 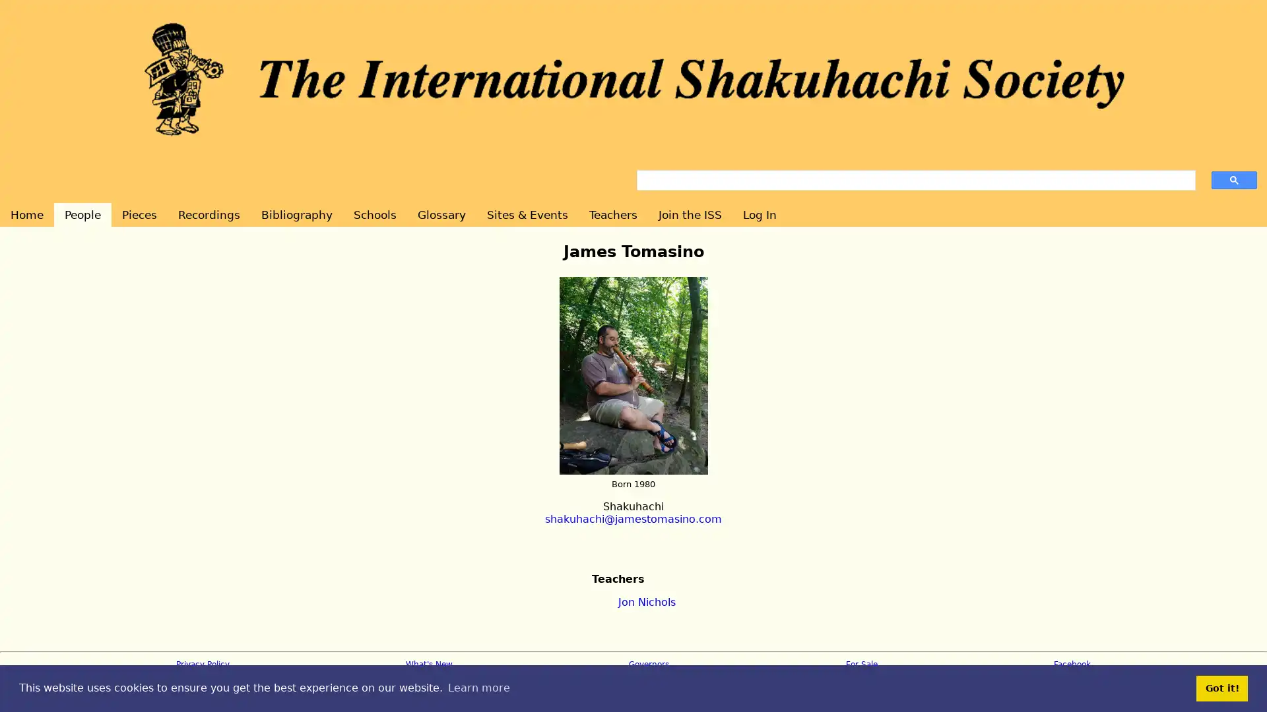 I want to click on learn more about cookies, so click(x=478, y=688).